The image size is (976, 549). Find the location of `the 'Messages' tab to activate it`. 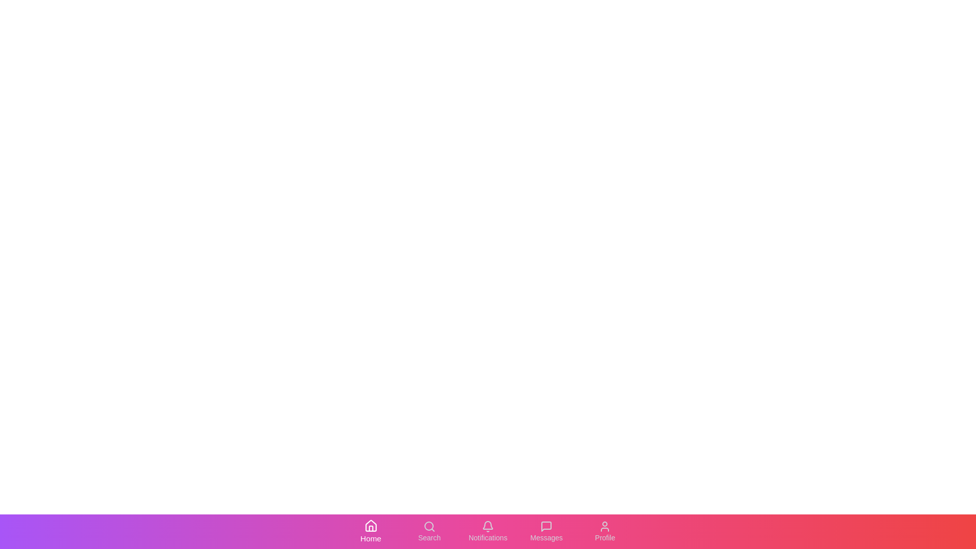

the 'Messages' tab to activate it is located at coordinates (546, 531).